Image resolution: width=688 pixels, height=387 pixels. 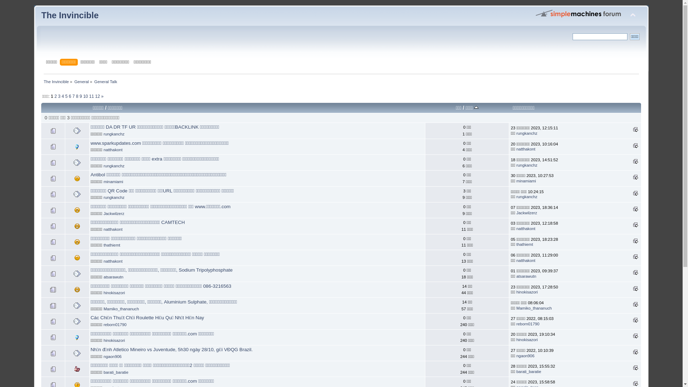 What do you see at coordinates (525, 244) in the screenshot?
I see `'thathiemt'` at bounding box center [525, 244].